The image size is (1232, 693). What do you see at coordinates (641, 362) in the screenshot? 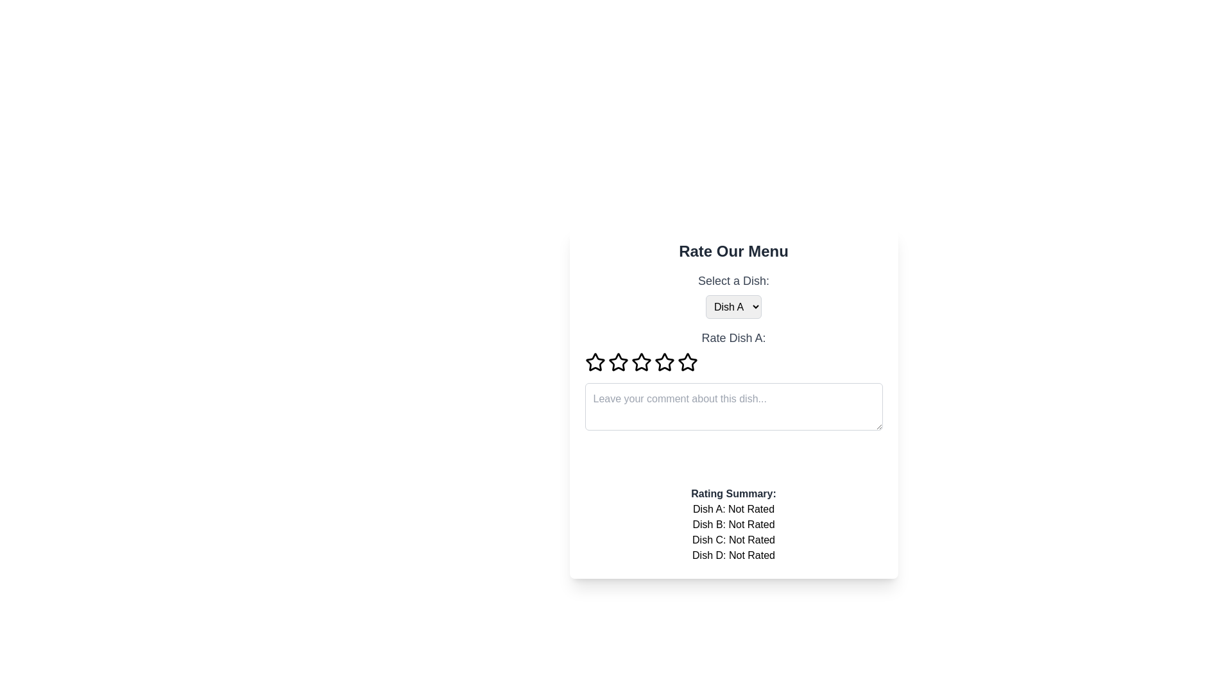
I see `the second star icon in the rating section to rate 'Dish A'` at bounding box center [641, 362].